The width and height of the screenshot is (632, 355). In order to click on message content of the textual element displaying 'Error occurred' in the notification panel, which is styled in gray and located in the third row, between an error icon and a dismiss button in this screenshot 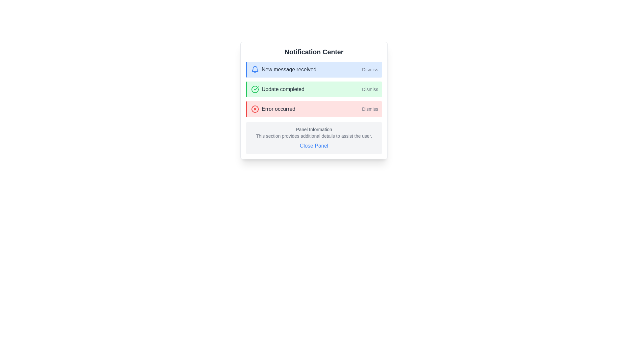, I will do `click(278, 108)`.